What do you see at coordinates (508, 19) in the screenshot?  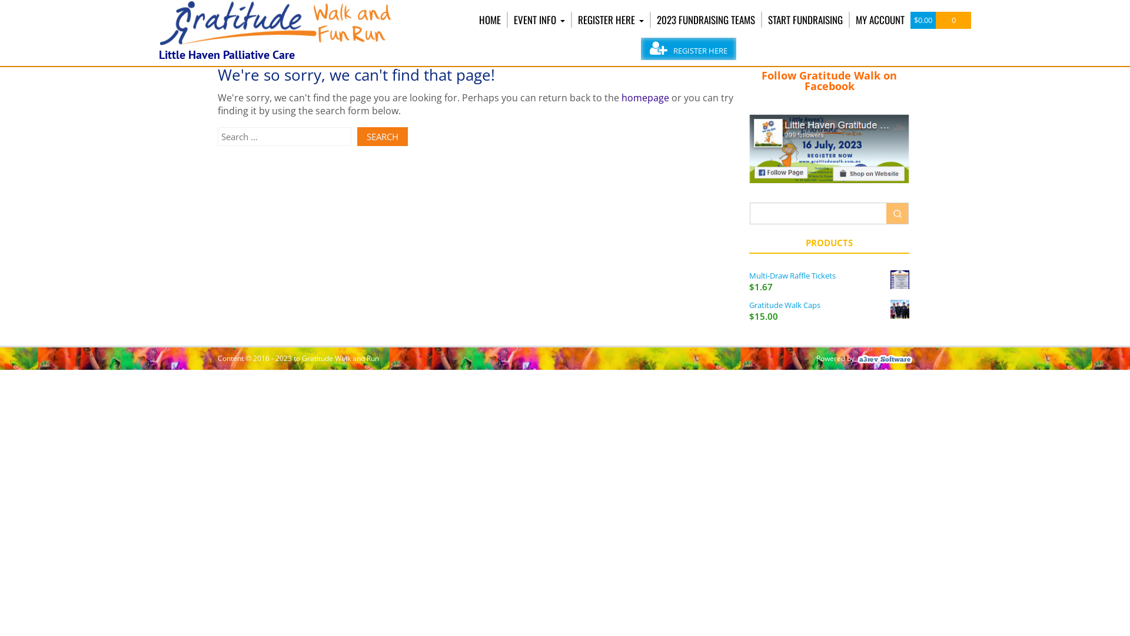 I see `'EVENT INFO'` at bounding box center [508, 19].